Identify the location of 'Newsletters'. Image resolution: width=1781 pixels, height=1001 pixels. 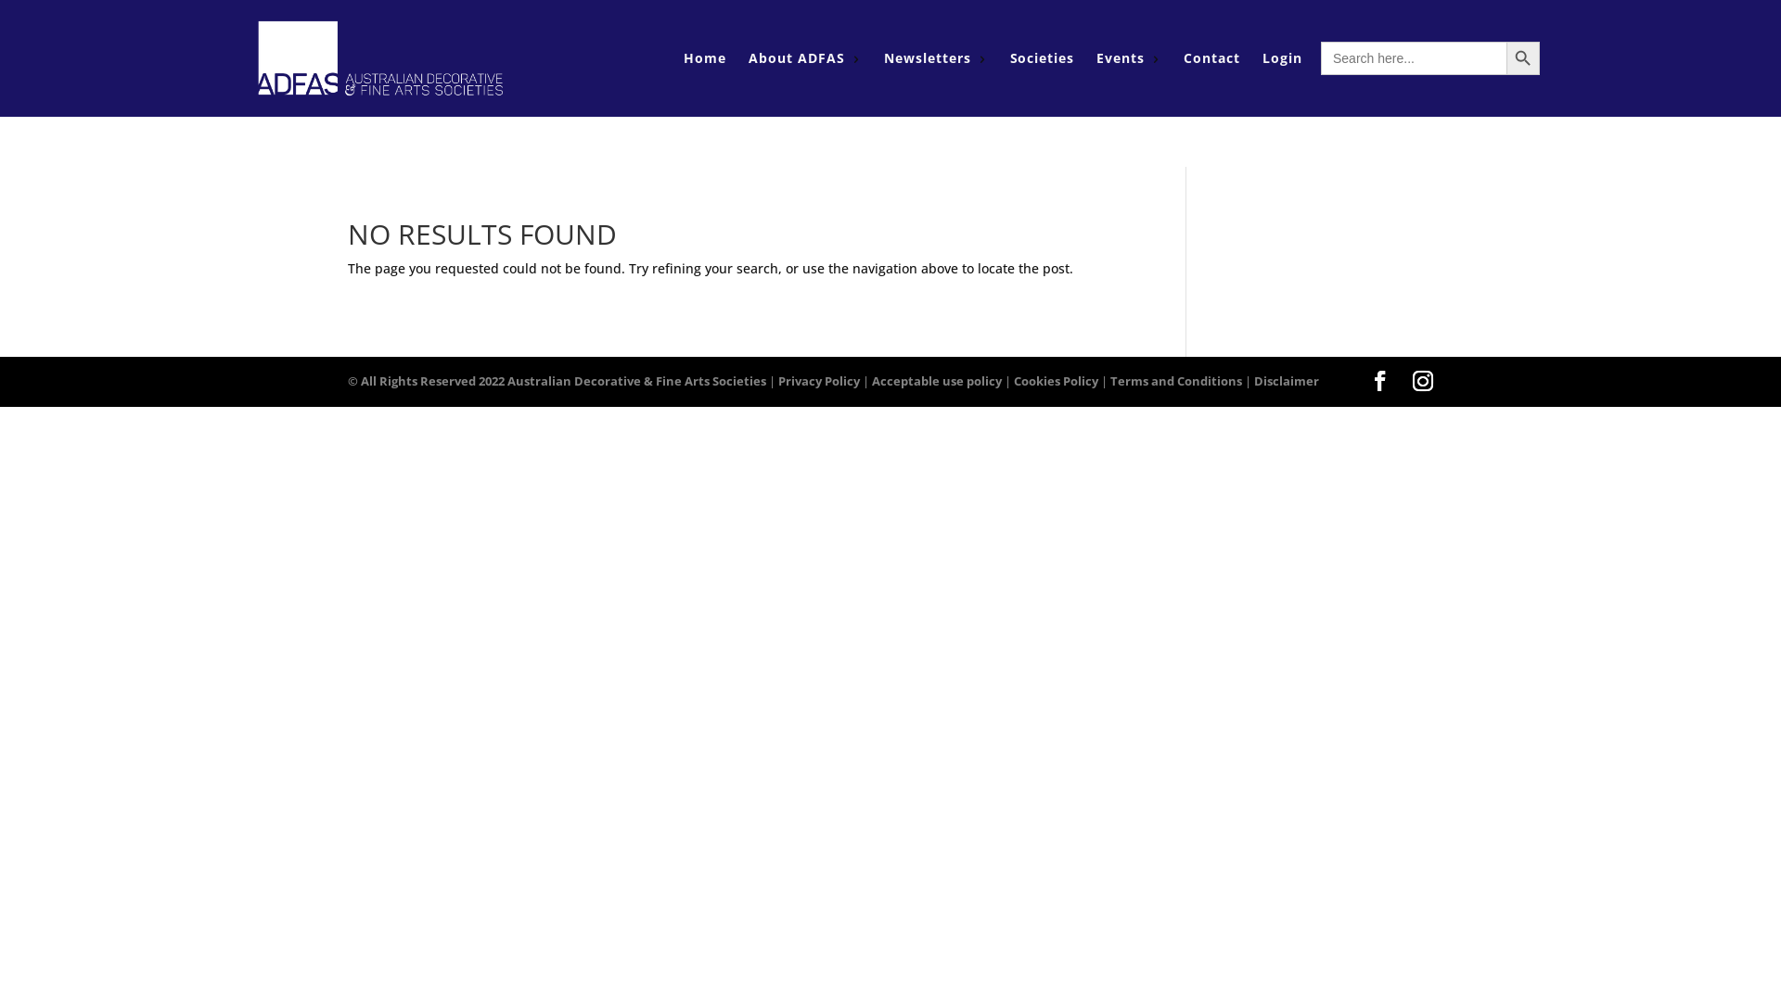
(927, 57).